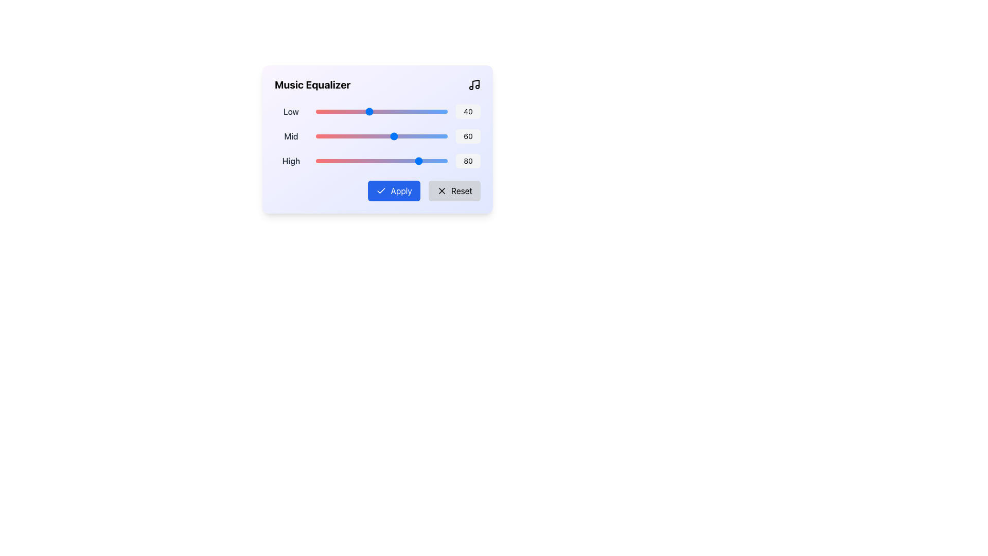  Describe the element at coordinates (381, 190) in the screenshot. I see `the 'Apply' icon located within the blue button, which signifies confirming changes to settings` at that location.